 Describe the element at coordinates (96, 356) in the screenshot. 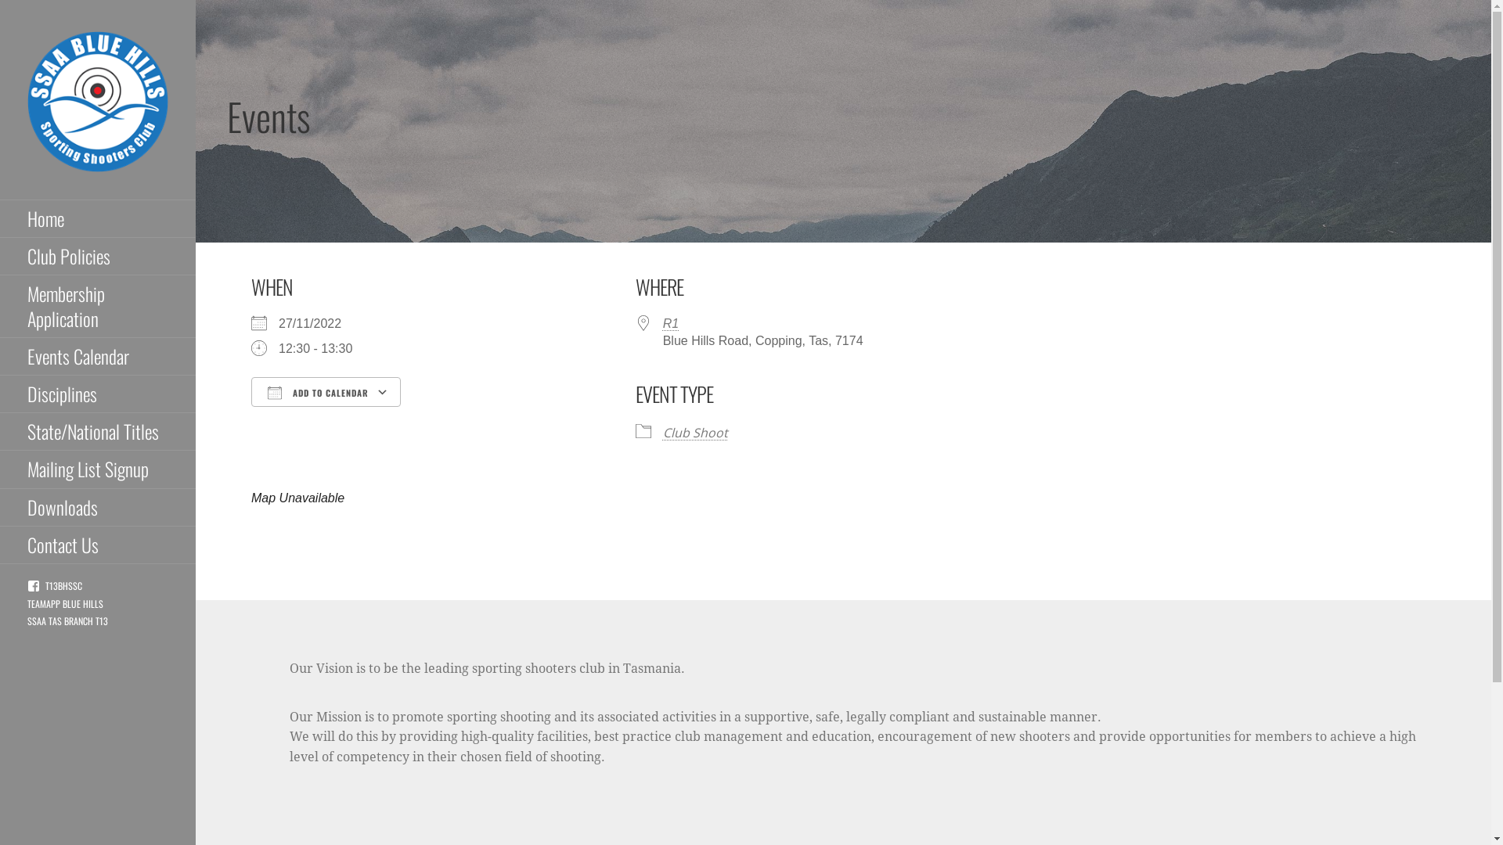

I see `'Events Calendar'` at that location.